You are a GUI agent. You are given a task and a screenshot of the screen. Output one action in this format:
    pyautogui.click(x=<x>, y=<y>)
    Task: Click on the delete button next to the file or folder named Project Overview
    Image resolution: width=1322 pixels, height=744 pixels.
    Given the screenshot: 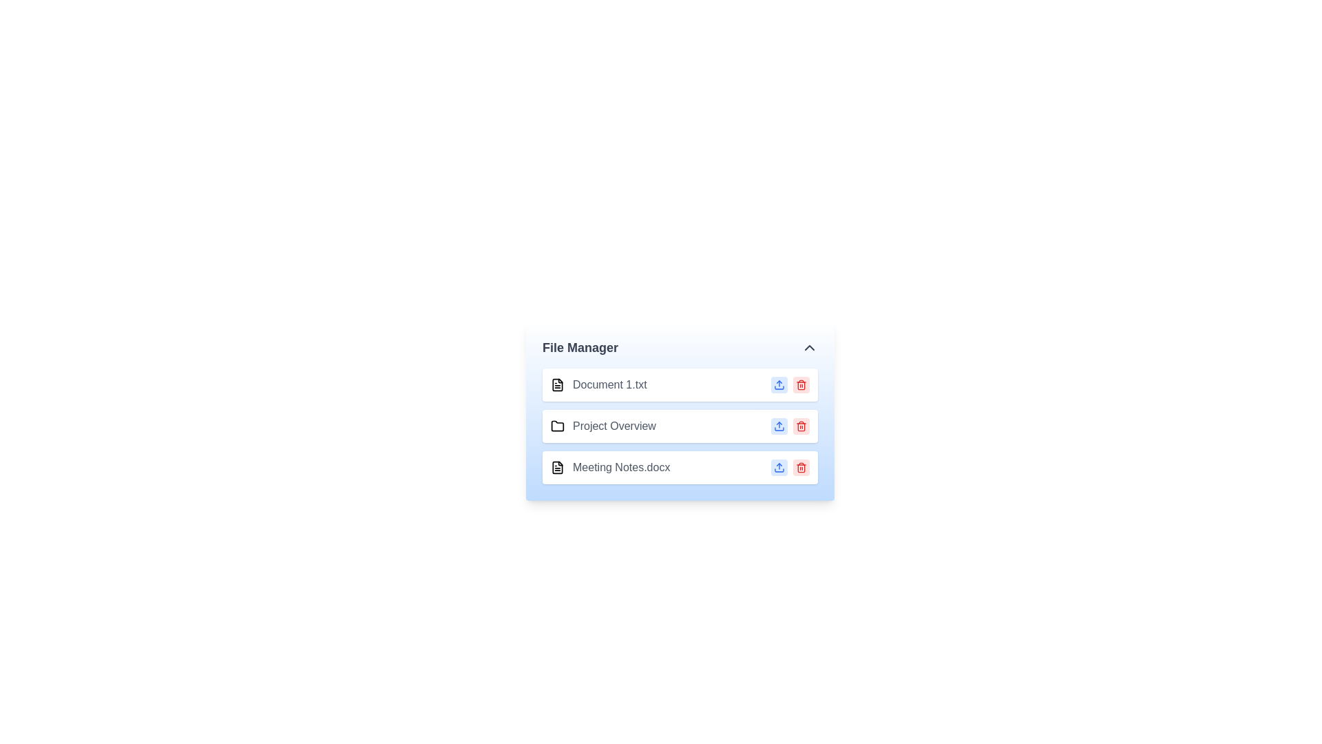 What is the action you would take?
    pyautogui.click(x=801, y=425)
    